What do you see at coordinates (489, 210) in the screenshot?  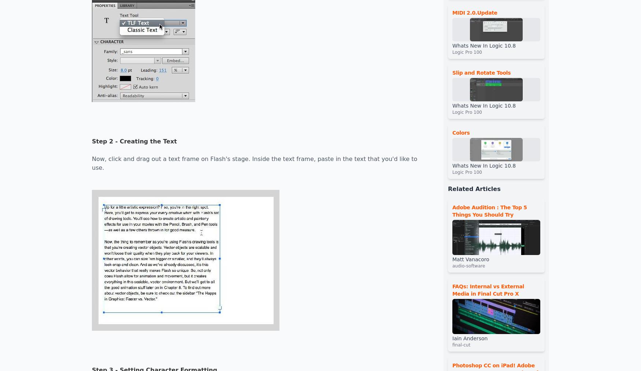 I see `'Adobe Audition : The Top 5 Things You Should Try'` at bounding box center [489, 210].